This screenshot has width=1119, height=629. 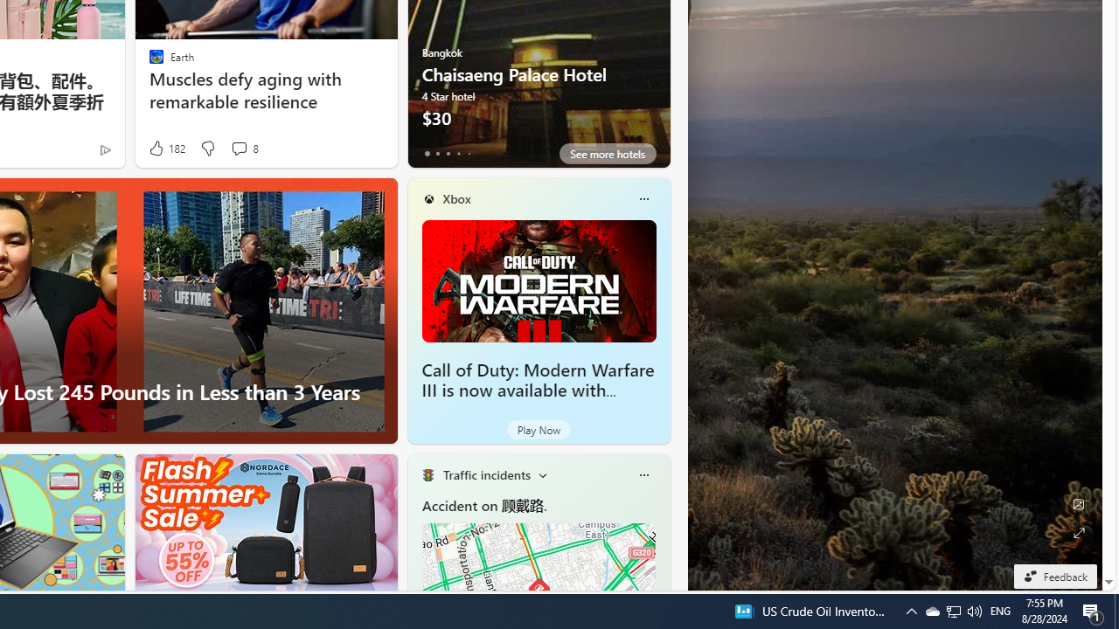 I want to click on 'Traffic Title Traffic Light', so click(x=427, y=474).